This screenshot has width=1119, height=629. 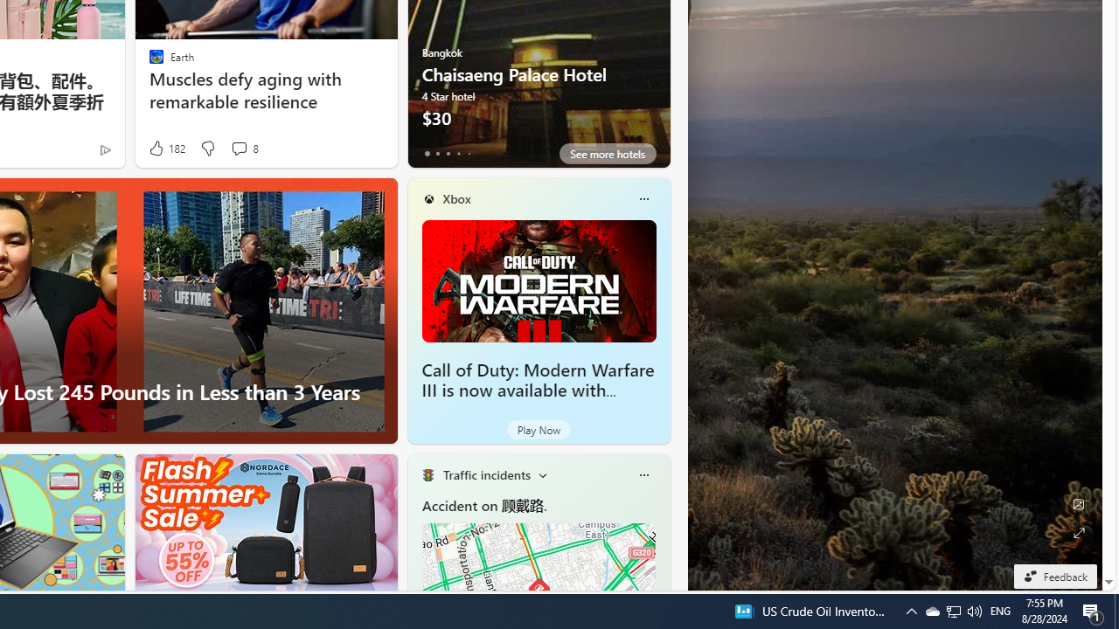 I want to click on 'Traffic Title Traffic Light', so click(x=427, y=474).